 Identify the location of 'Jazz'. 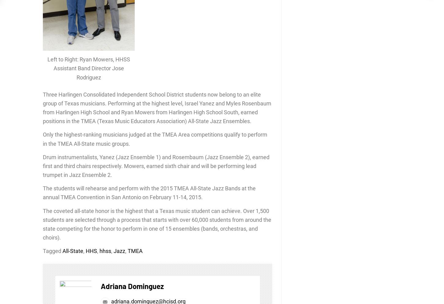
(113, 251).